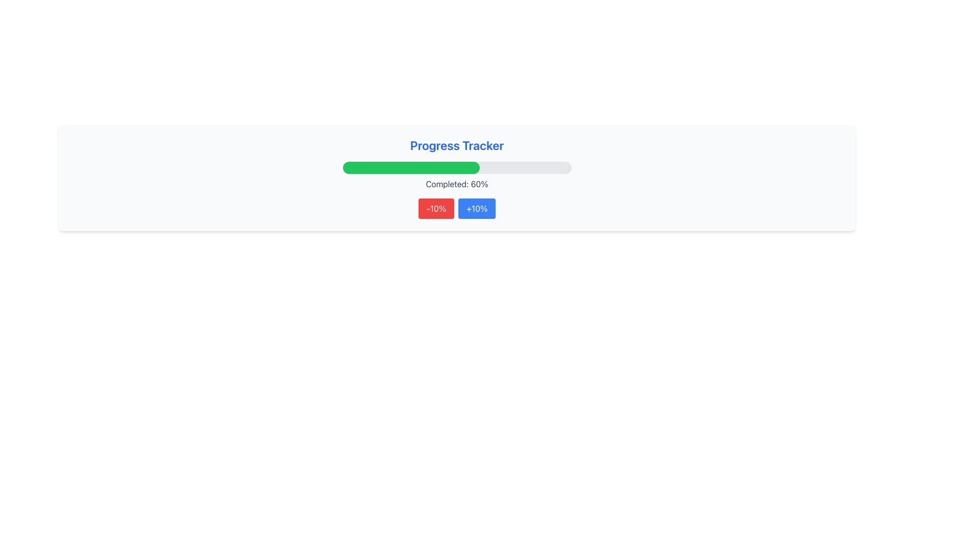 This screenshot has width=980, height=551. Describe the element at coordinates (476, 208) in the screenshot. I see `the second button in a pair below the green progress bar` at that location.